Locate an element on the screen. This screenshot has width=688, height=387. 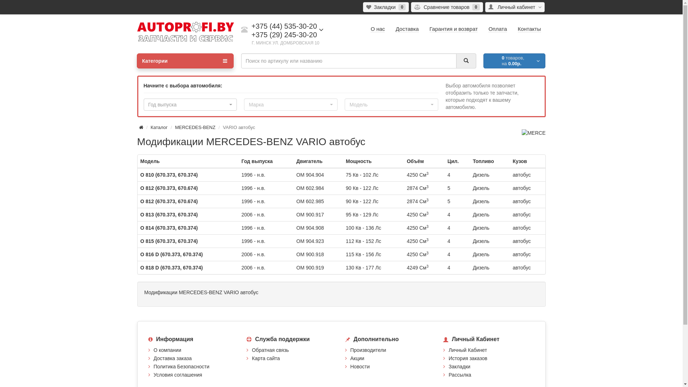
'O 813 (670.373, 670.374)' is located at coordinates (168, 214).